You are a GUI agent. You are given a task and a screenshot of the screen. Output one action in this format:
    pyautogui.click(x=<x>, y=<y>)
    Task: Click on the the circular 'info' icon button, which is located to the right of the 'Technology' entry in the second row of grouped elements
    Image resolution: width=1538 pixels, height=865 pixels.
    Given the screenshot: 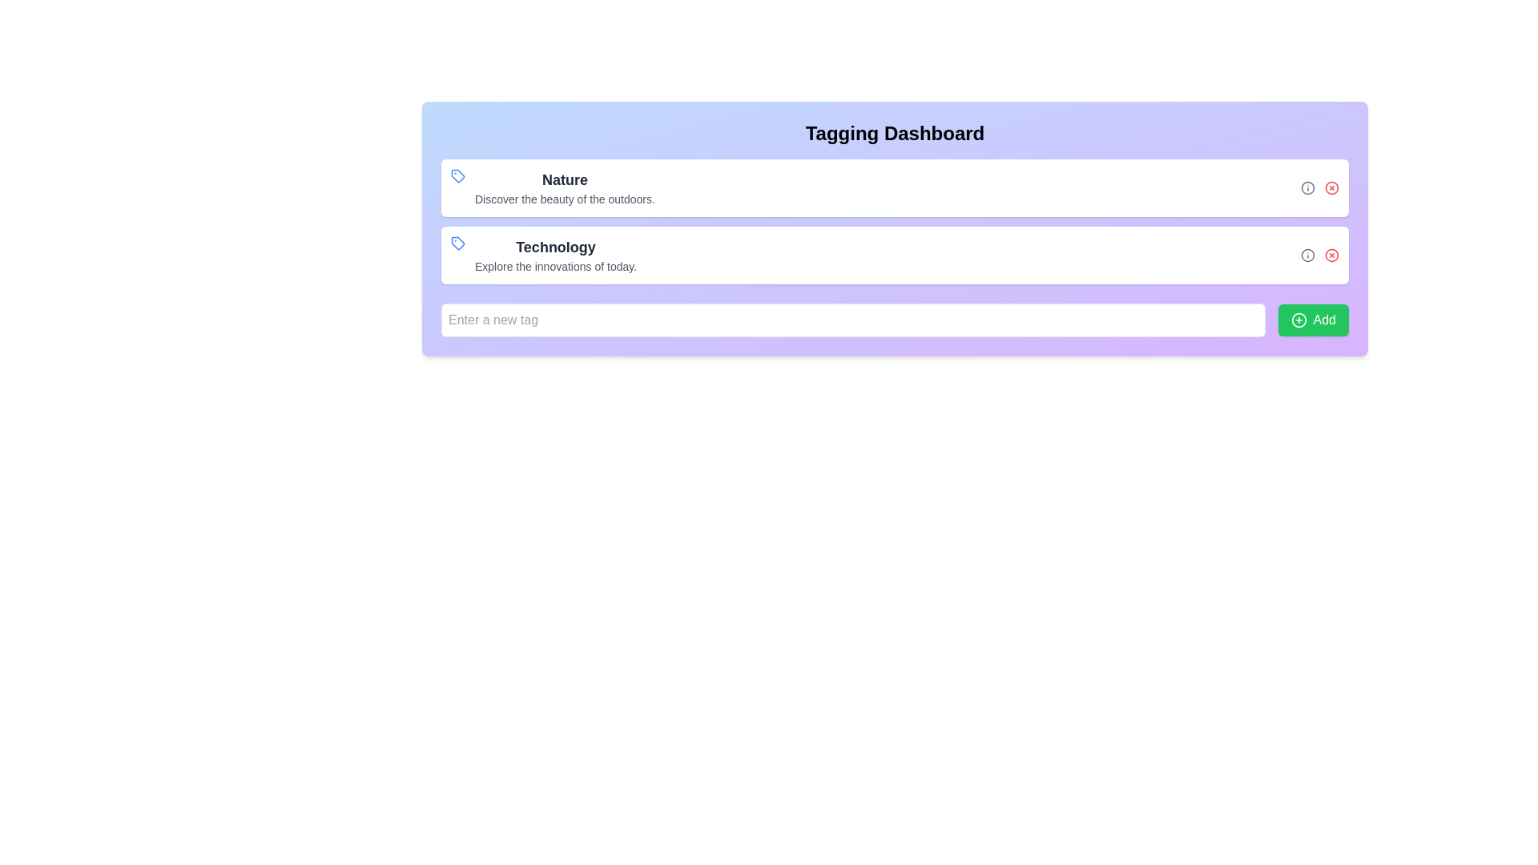 What is the action you would take?
    pyautogui.click(x=1307, y=255)
    